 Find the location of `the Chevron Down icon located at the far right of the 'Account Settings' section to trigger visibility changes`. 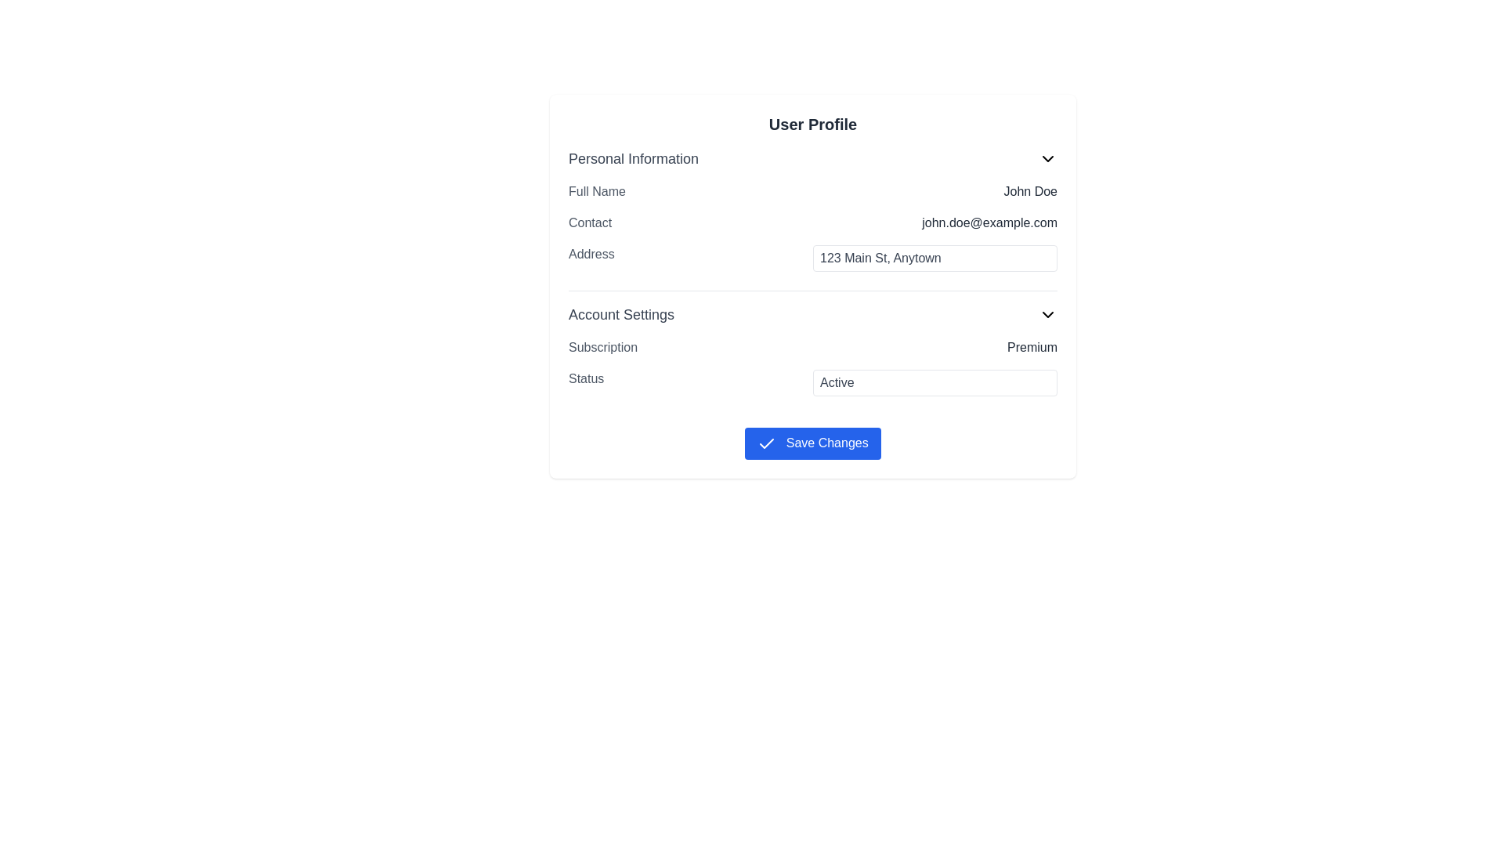

the Chevron Down icon located at the far right of the 'Account Settings' section to trigger visibility changes is located at coordinates (1048, 314).